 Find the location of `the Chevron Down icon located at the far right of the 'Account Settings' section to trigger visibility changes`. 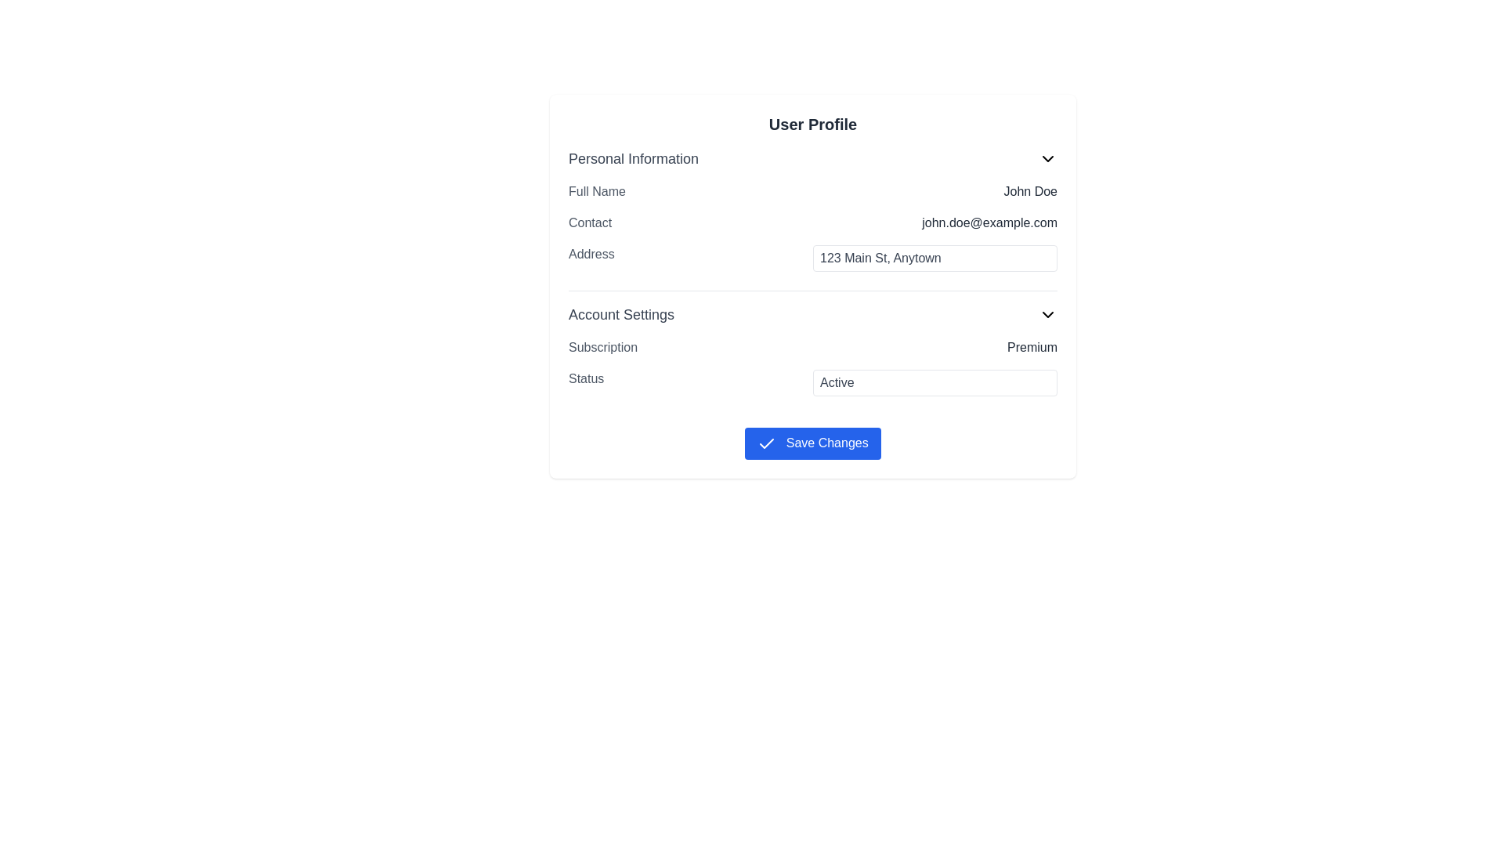

the Chevron Down icon located at the far right of the 'Account Settings' section to trigger visibility changes is located at coordinates (1048, 314).